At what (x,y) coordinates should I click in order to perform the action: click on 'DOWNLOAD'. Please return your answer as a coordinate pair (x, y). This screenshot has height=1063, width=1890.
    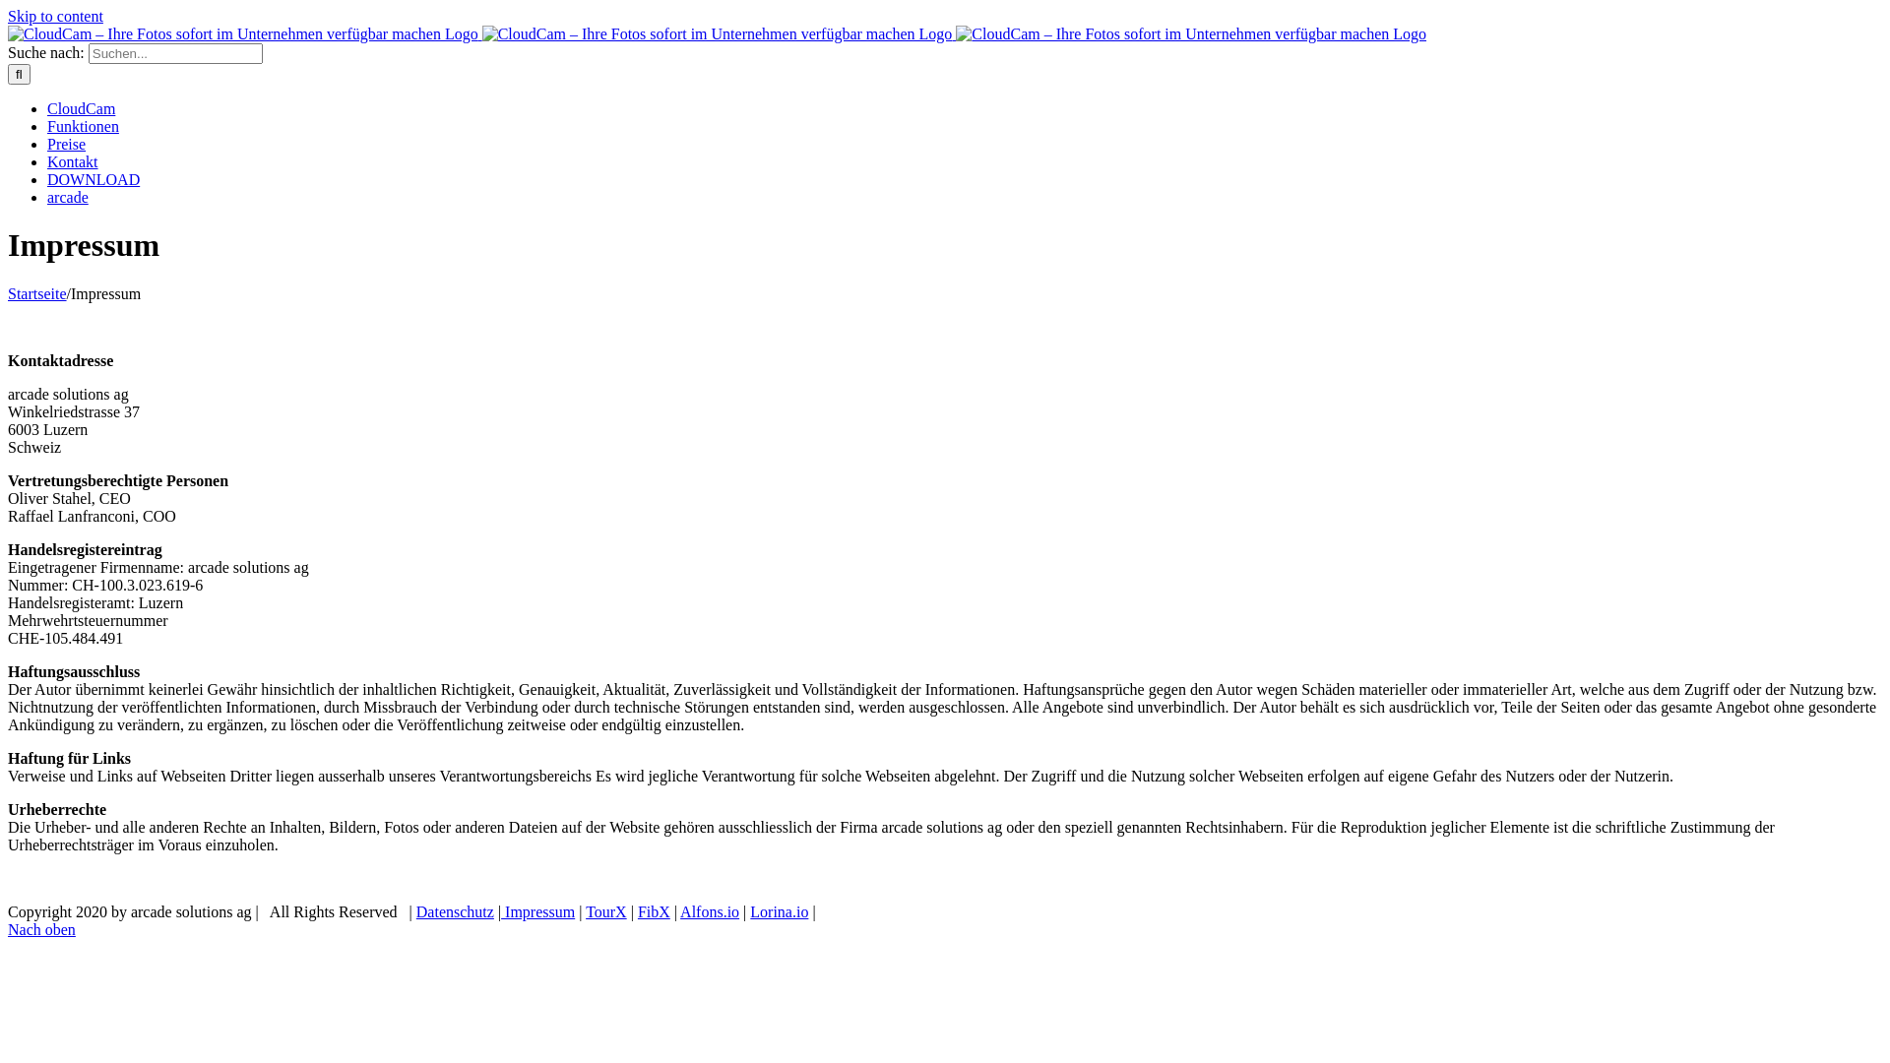
    Looking at the image, I should click on (93, 179).